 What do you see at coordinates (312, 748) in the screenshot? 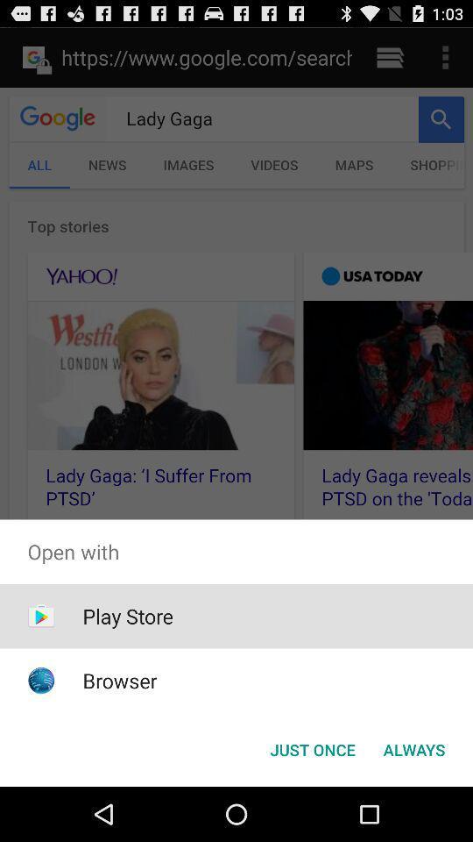
I see `the button to the left of the always item` at bounding box center [312, 748].